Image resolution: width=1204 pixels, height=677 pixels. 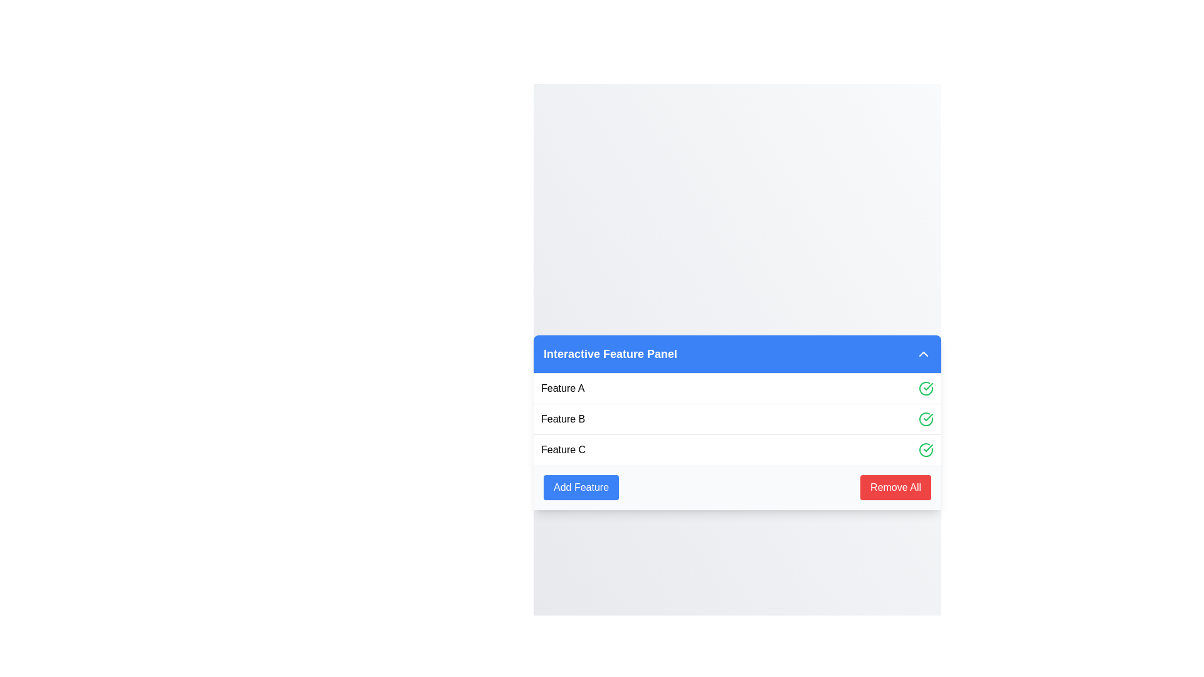 What do you see at coordinates (737, 418) in the screenshot?
I see `the 'Feature B' list item, which is the second row in the 'Interactive Feature Panel', indicated by a green check mark` at bounding box center [737, 418].